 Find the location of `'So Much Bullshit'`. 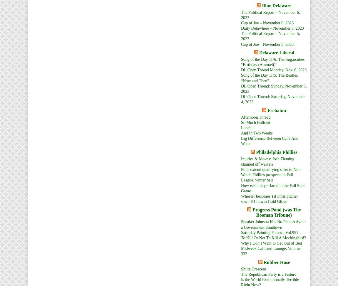

'So Much Bullshit' is located at coordinates (255, 122).